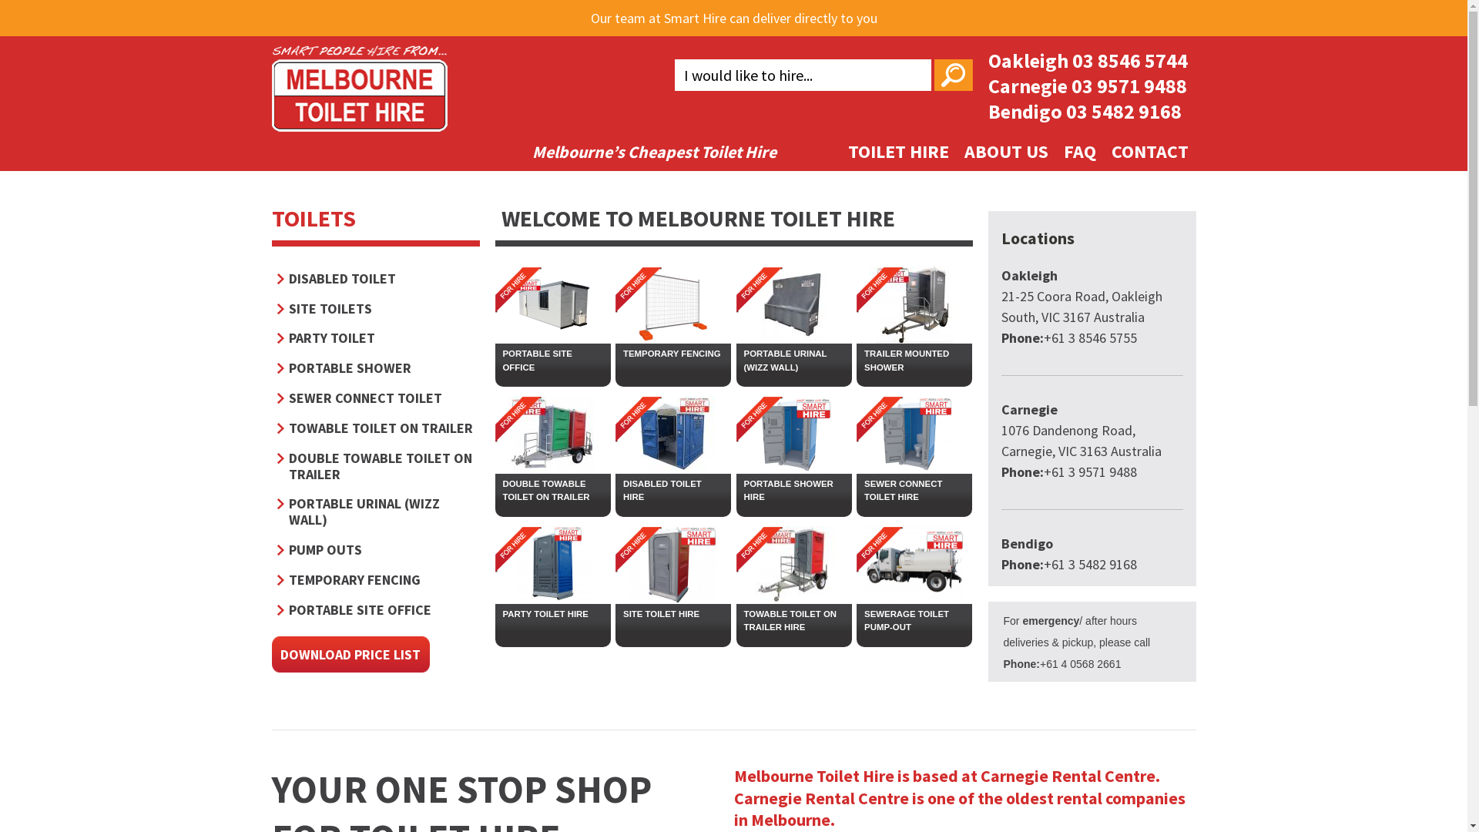 The width and height of the screenshot is (1479, 832). What do you see at coordinates (376, 549) in the screenshot?
I see `'PUMP OUTS'` at bounding box center [376, 549].